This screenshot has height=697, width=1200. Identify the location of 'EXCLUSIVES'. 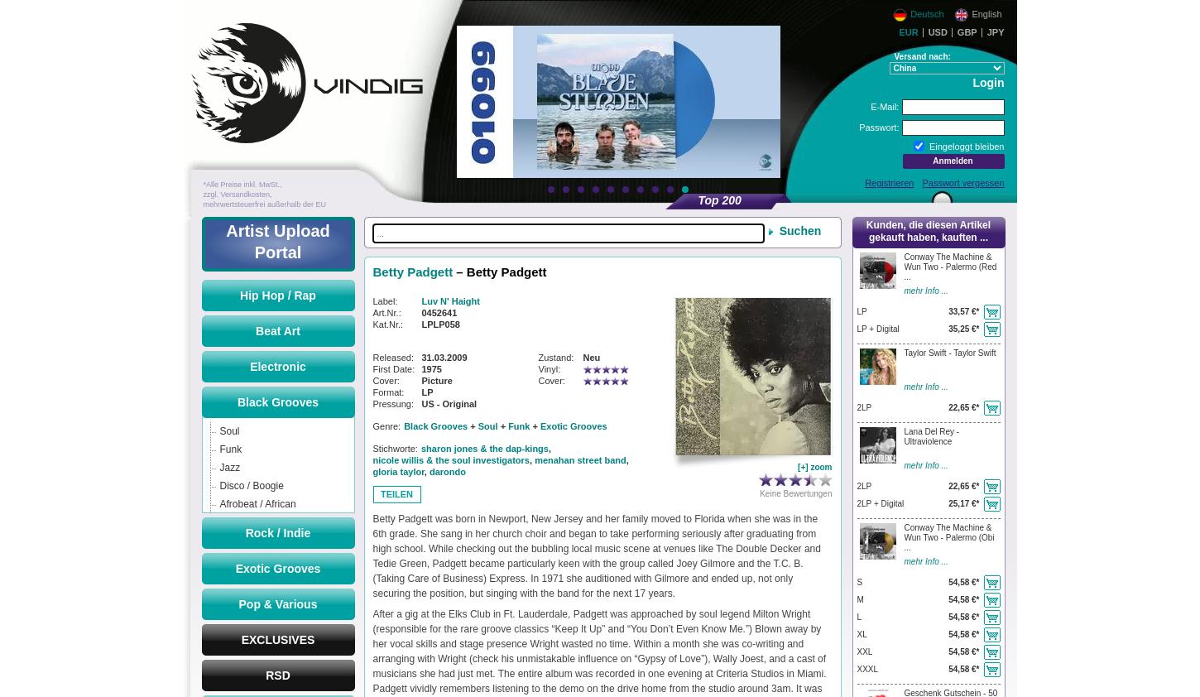
(241, 640).